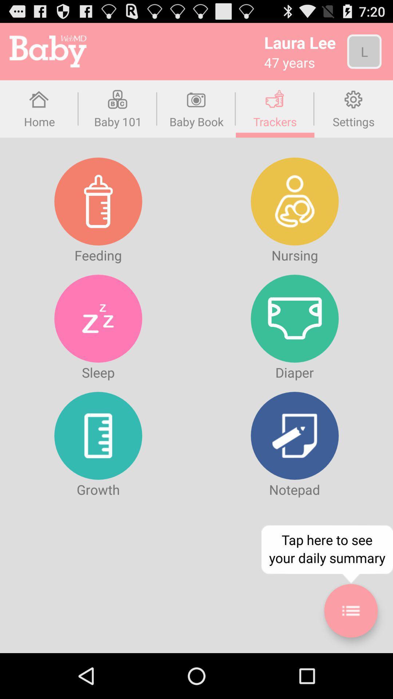  I want to click on the list icon, so click(350, 653).